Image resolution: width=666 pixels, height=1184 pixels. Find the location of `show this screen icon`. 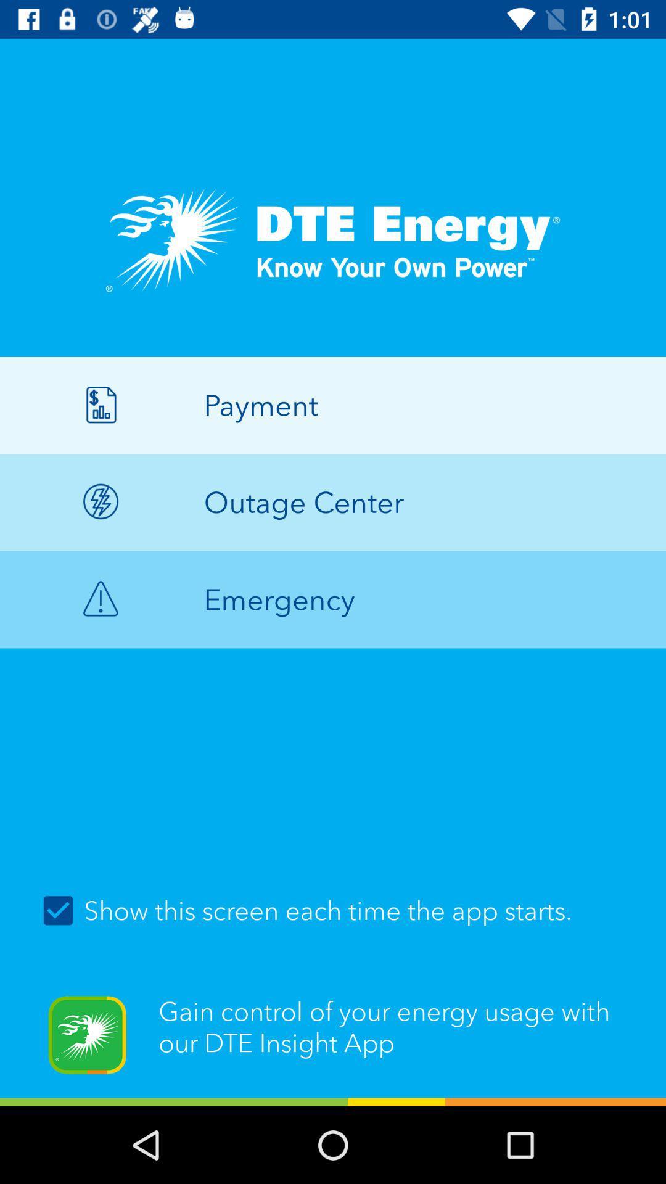

show this screen icon is located at coordinates (333, 911).